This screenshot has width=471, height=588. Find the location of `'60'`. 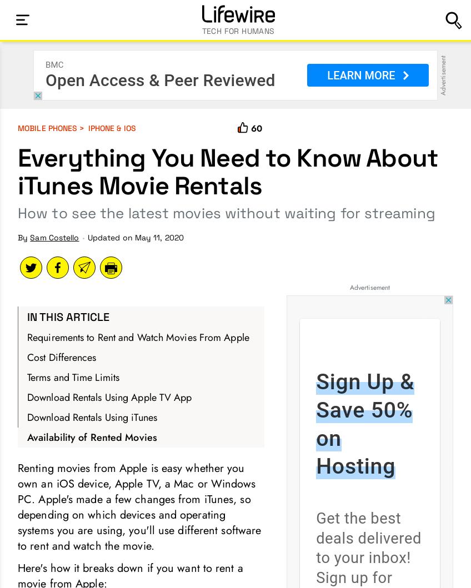

'60' is located at coordinates (255, 128).